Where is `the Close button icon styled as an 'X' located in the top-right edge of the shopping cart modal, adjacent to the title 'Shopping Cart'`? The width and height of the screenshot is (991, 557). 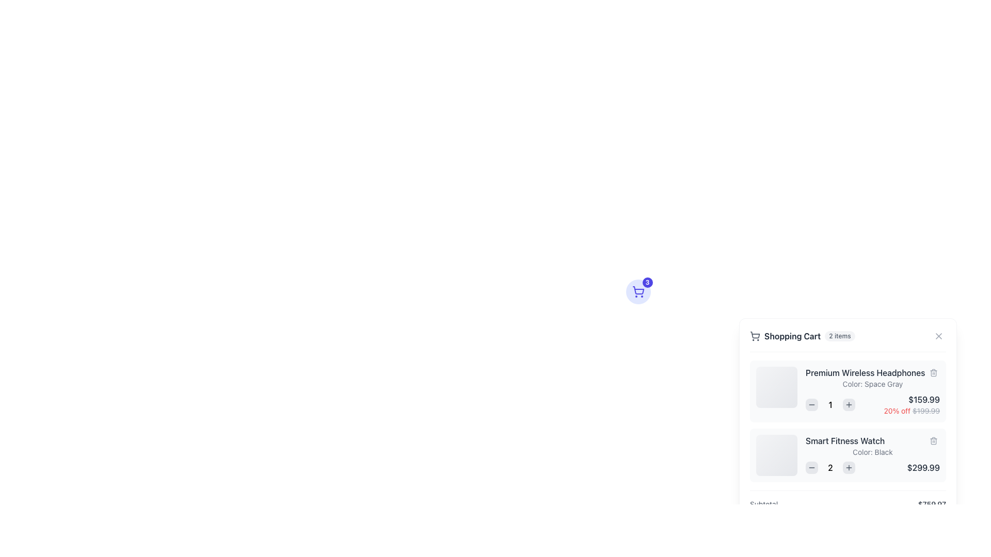
the Close button icon styled as an 'X' located in the top-right edge of the shopping cart modal, adjacent to the title 'Shopping Cart' is located at coordinates (939, 336).